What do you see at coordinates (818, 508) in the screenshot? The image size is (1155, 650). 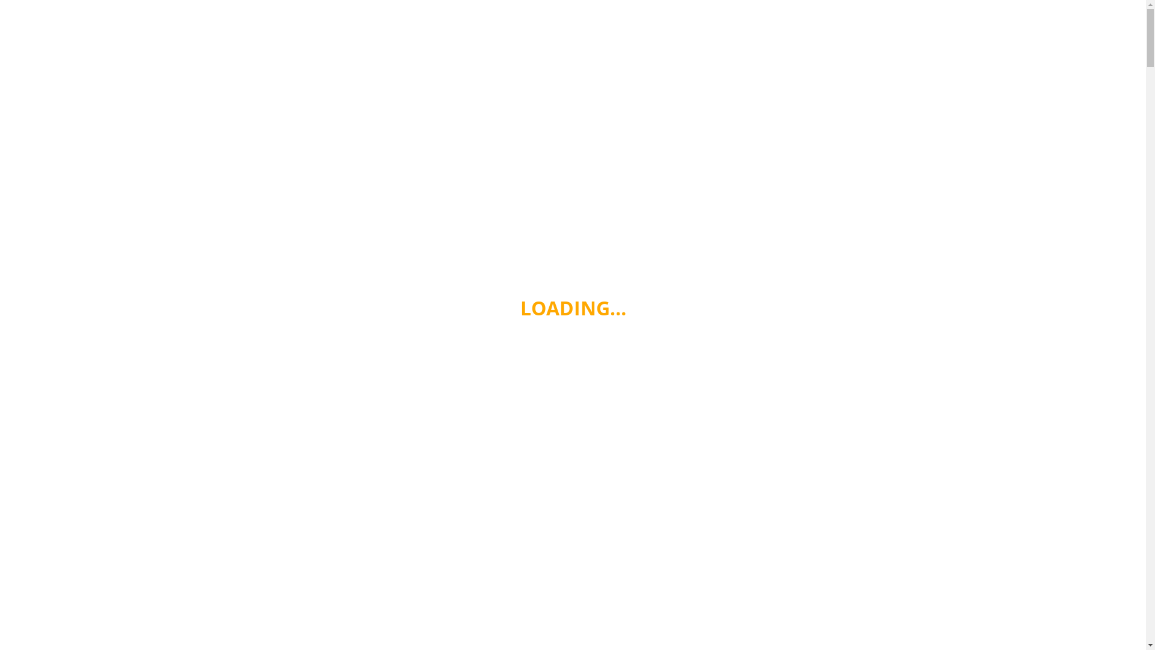 I see `'6 Ways to Use Kelp Noodles'` at bounding box center [818, 508].